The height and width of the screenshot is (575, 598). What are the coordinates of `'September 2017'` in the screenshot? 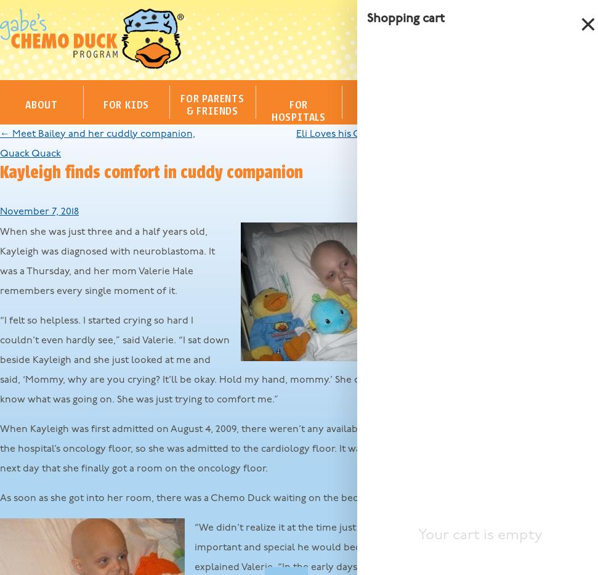 It's located at (486, 561).